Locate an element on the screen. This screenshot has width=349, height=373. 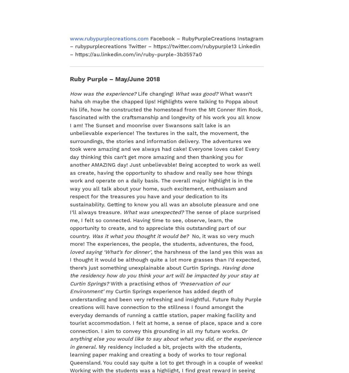
'Having done the residency how do you think your art will be impacted by your stay at Curtin Springs?' is located at coordinates (164, 275).